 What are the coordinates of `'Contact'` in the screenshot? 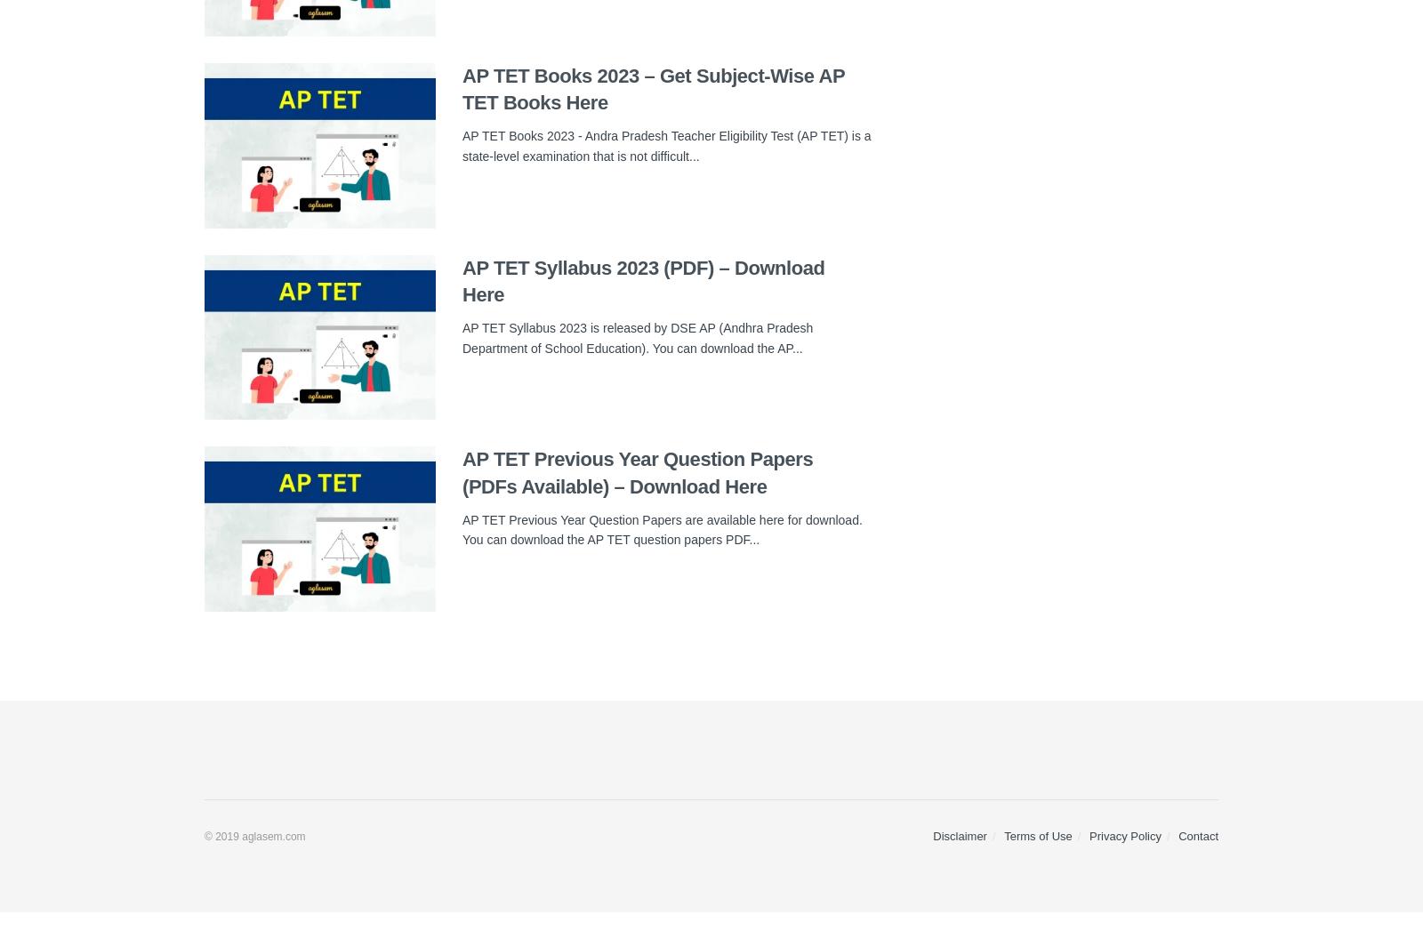 It's located at (1197, 836).